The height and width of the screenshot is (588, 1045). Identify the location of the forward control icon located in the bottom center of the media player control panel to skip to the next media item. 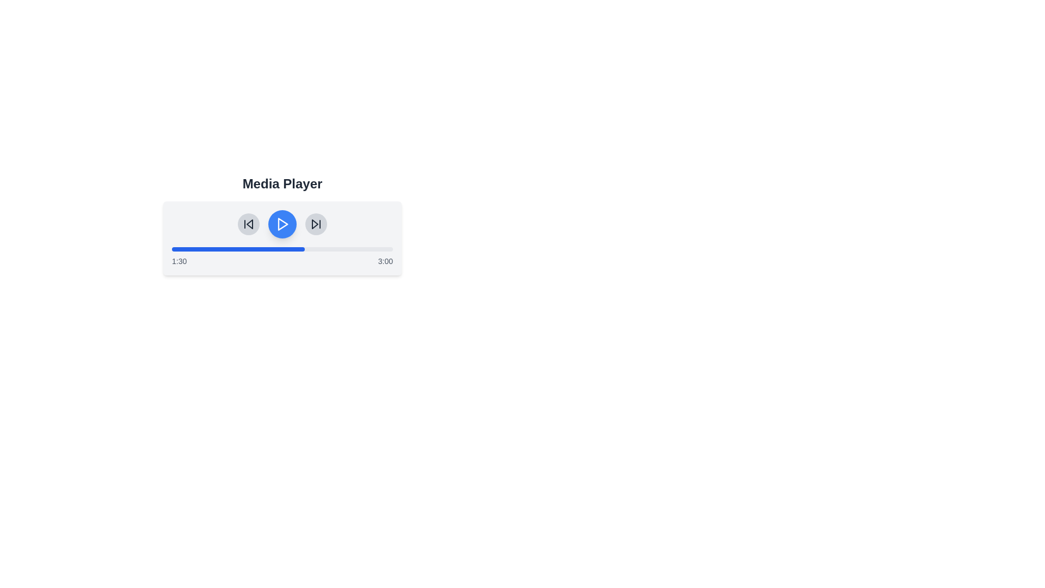
(315, 224).